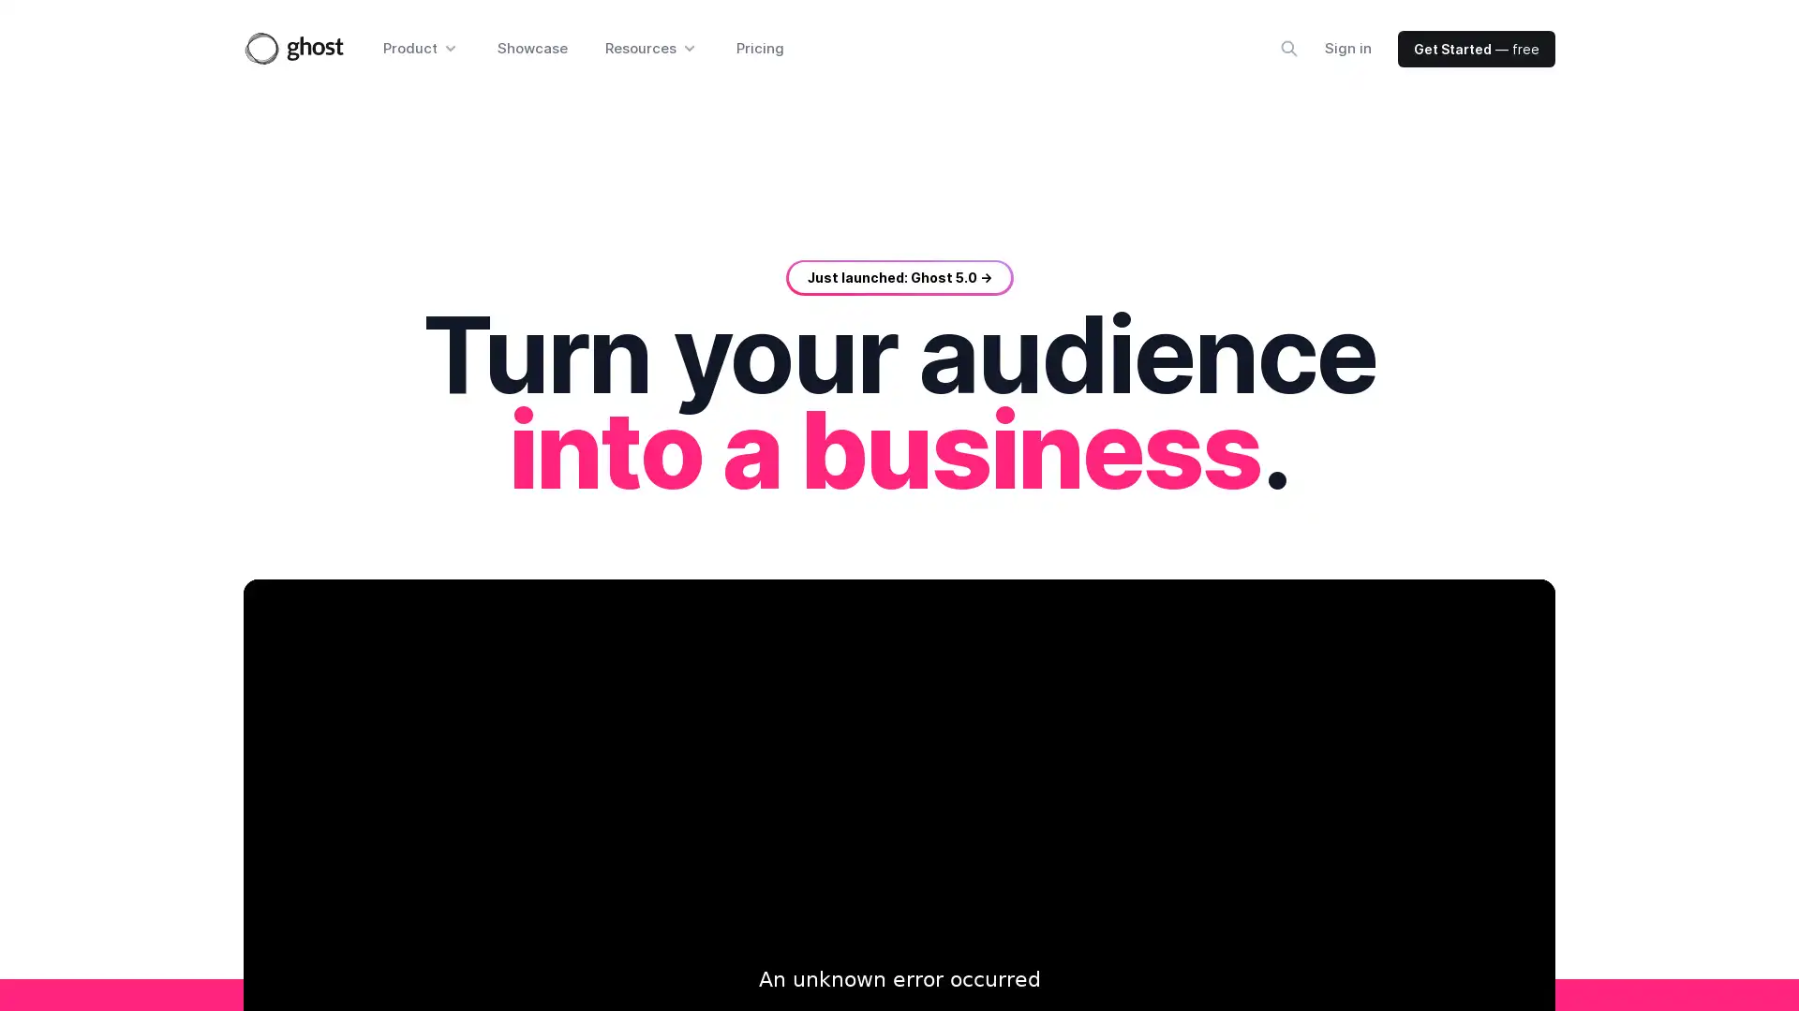  What do you see at coordinates (651, 47) in the screenshot?
I see `Resources` at bounding box center [651, 47].